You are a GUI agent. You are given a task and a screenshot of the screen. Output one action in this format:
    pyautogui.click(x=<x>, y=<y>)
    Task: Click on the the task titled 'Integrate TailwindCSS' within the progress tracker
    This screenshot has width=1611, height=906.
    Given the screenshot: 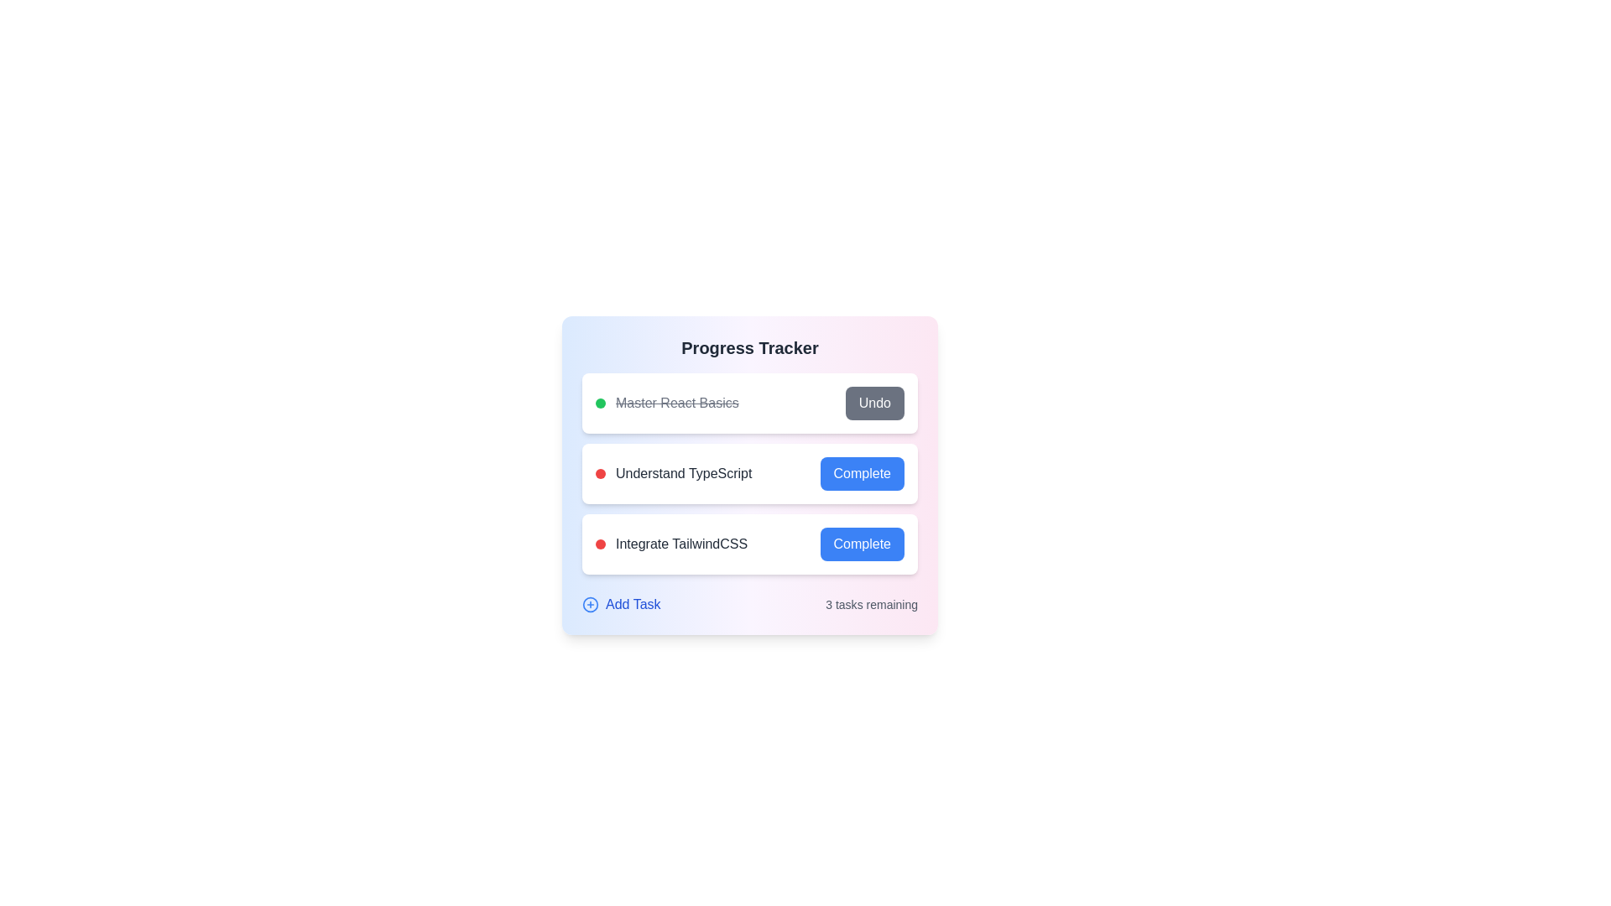 What is the action you would take?
    pyautogui.click(x=671, y=544)
    